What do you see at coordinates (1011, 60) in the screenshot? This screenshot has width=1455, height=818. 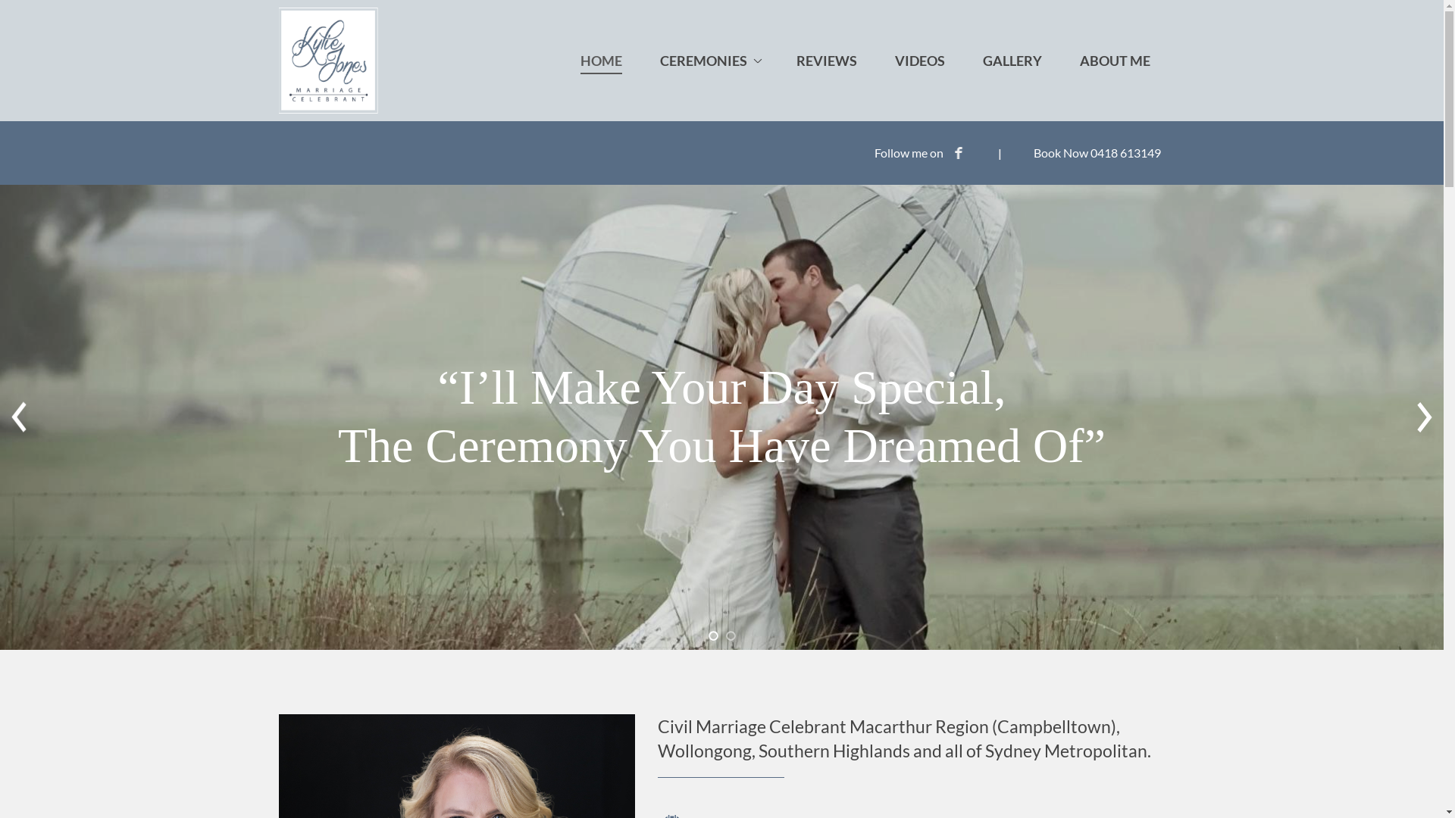 I see `'GALLERY'` at bounding box center [1011, 60].